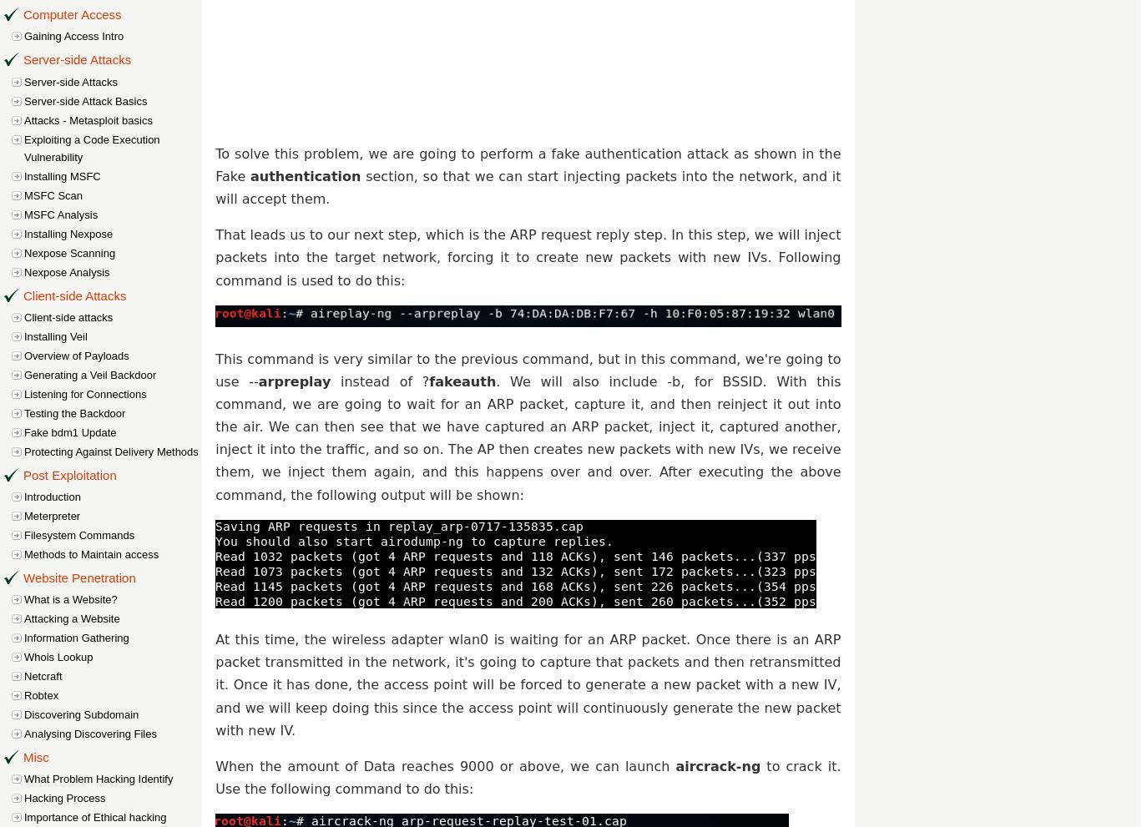 This screenshot has height=827, width=1142. Describe the element at coordinates (78, 577) in the screenshot. I see `'Website Penetration'` at that location.